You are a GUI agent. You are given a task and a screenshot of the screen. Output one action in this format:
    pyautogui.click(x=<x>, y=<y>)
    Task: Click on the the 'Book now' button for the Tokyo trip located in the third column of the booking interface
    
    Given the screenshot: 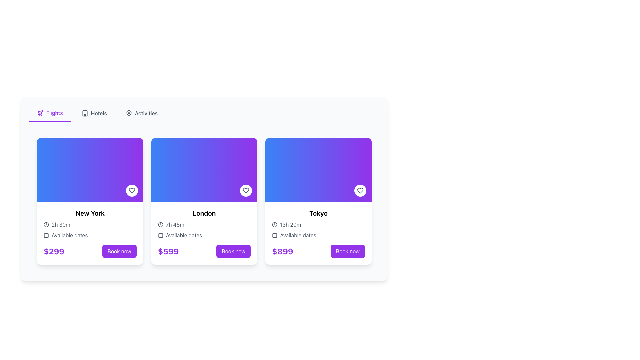 What is the action you would take?
    pyautogui.click(x=347, y=251)
    